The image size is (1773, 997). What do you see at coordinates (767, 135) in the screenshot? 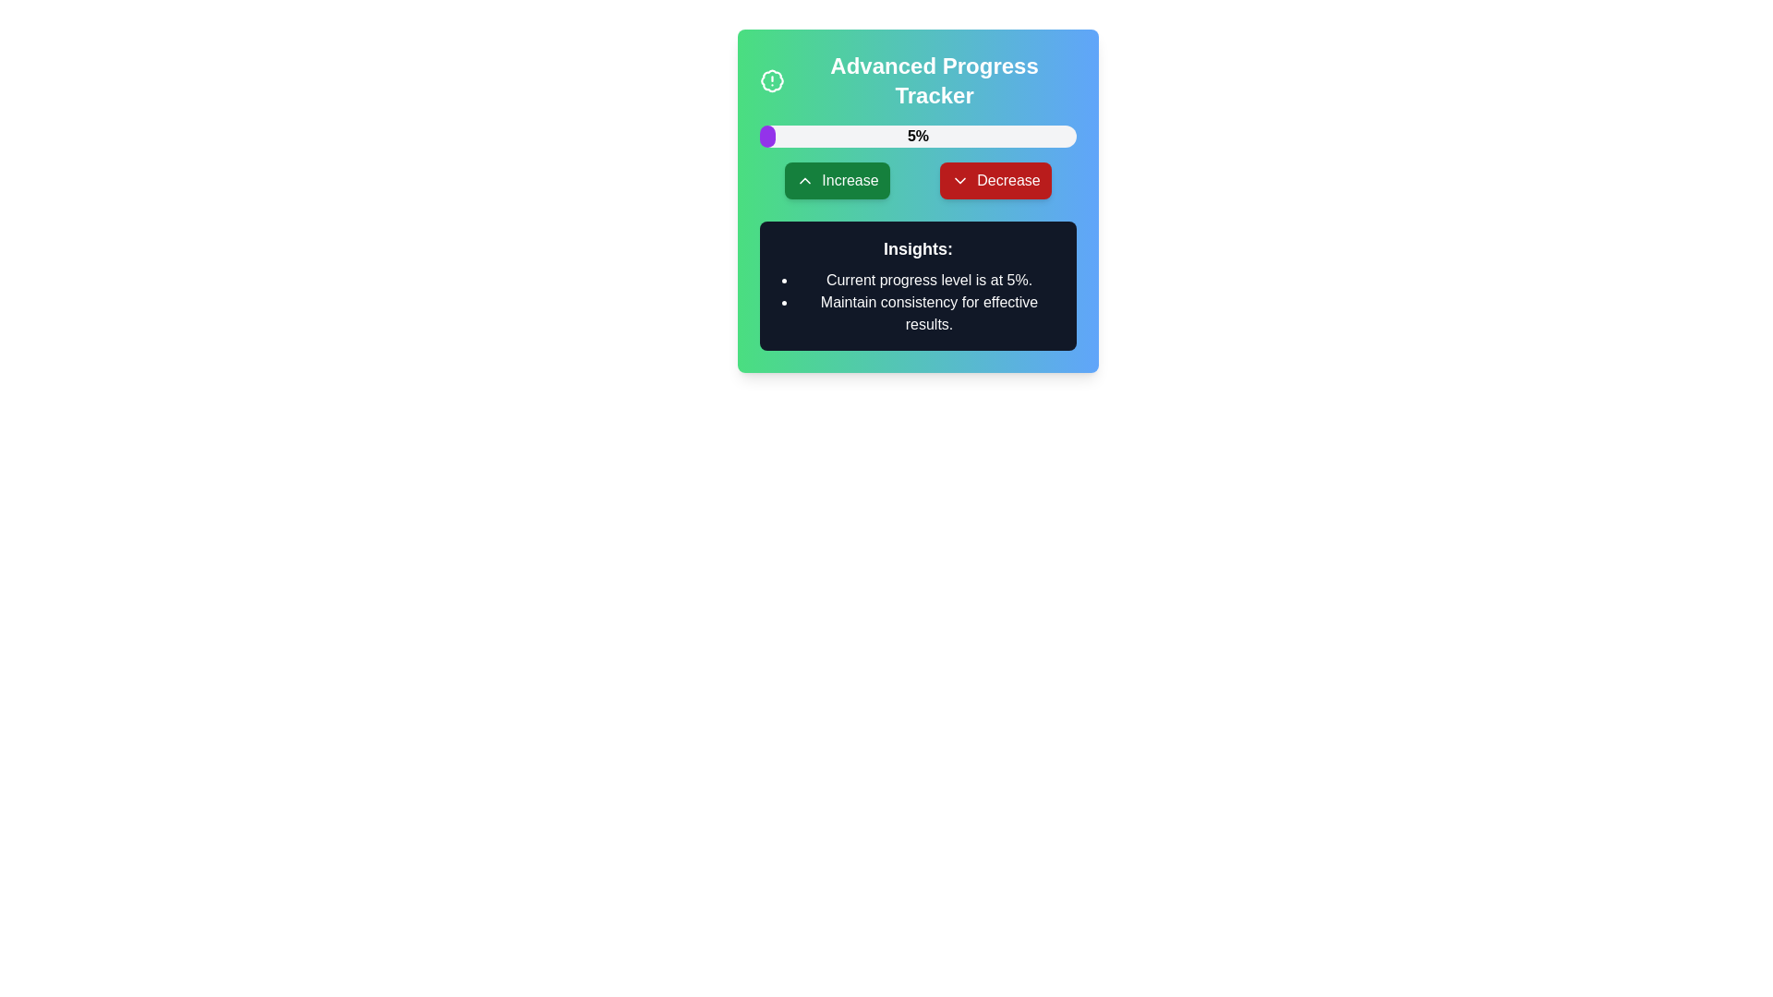
I see `the leftmost 5% of the progress bar indicator that visually represents the current progress level of 5%, located below the 'Advanced Progress Tracker' title` at bounding box center [767, 135].